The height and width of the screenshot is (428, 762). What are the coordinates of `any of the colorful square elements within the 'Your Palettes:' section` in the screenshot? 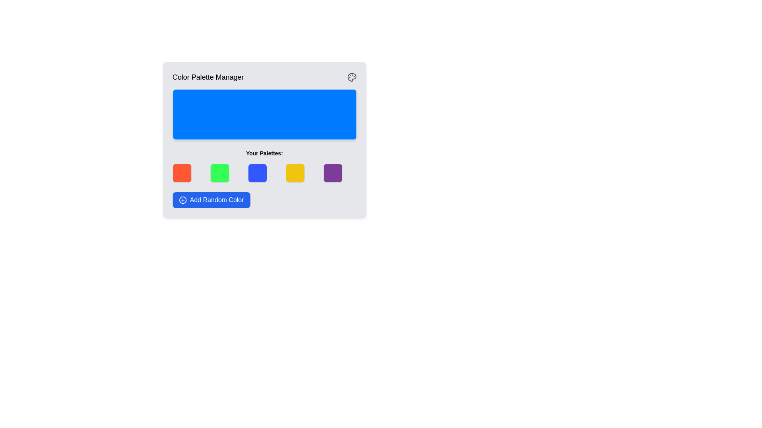 It's located at (264, 166).